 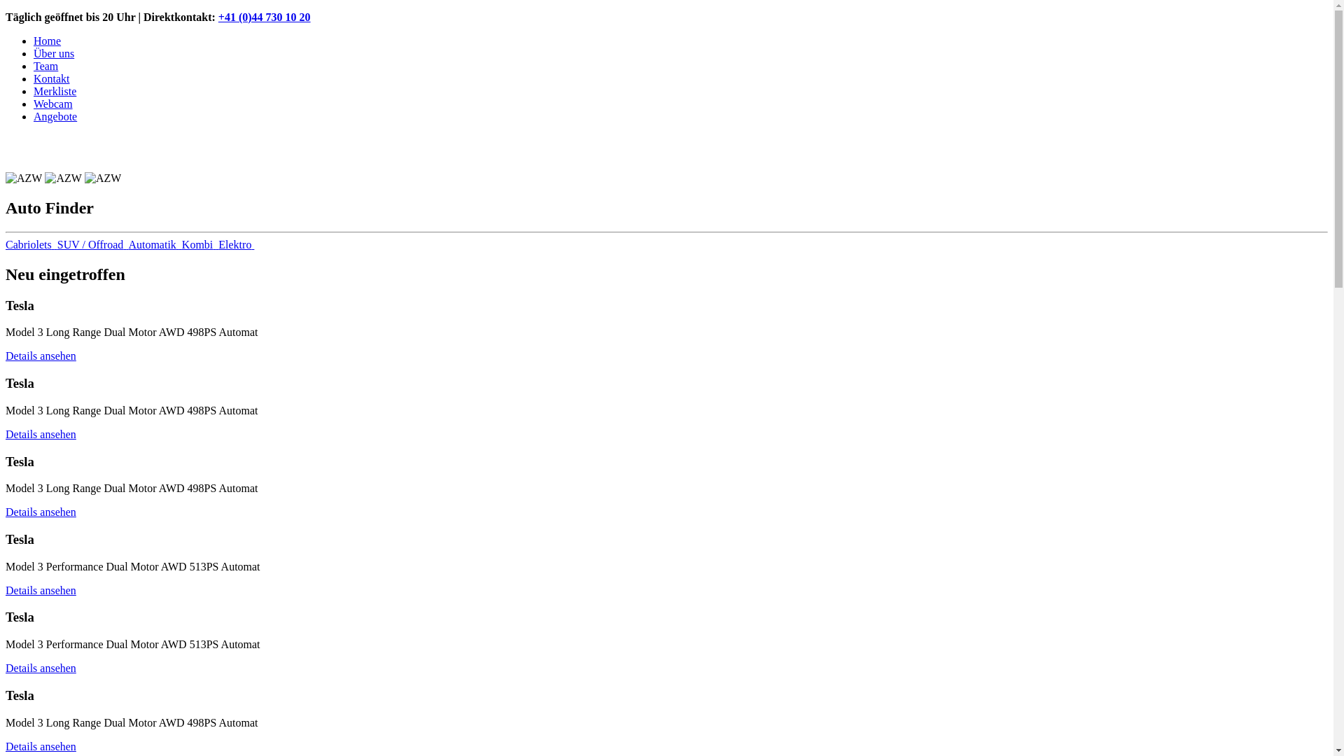 What do you see at coordinates (154, 244) in the screenshot?
I see `'Automatik'` at bounding box center [154, 244].